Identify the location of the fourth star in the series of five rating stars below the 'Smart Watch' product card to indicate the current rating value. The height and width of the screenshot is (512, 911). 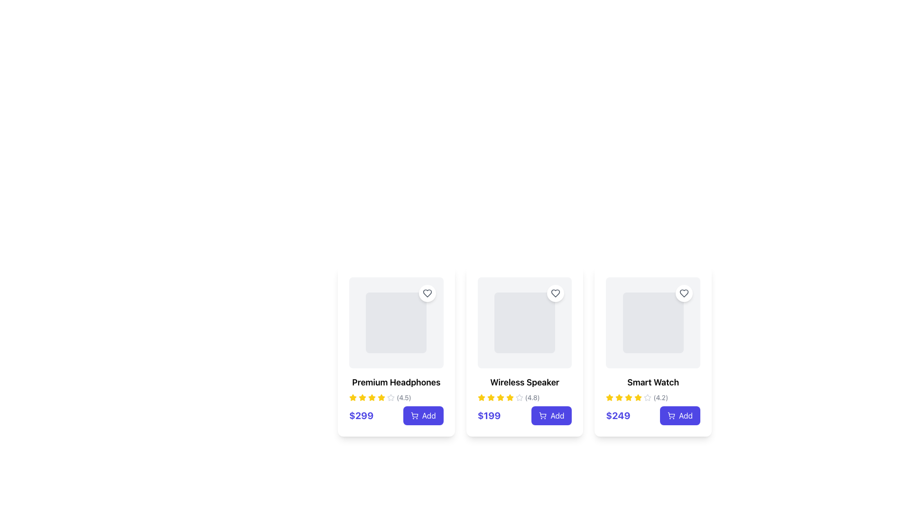
(629, 398).